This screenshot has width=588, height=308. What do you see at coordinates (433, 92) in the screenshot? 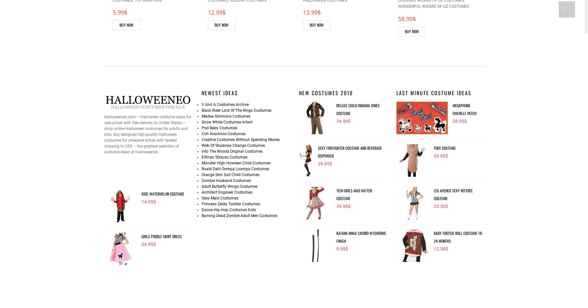
I see `'Last Minute Costume Ideas'` at bounding box center [433, 92].